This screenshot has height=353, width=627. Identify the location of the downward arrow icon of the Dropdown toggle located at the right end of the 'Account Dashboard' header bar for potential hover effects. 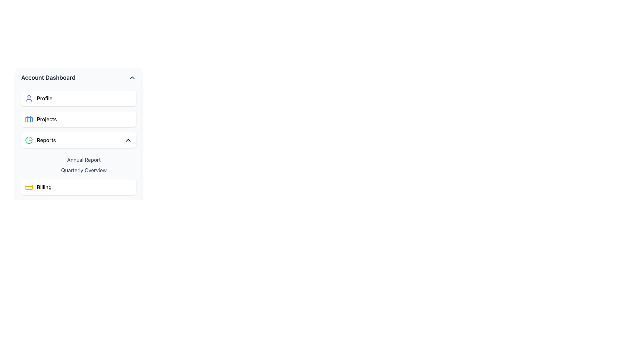
(132, 77).